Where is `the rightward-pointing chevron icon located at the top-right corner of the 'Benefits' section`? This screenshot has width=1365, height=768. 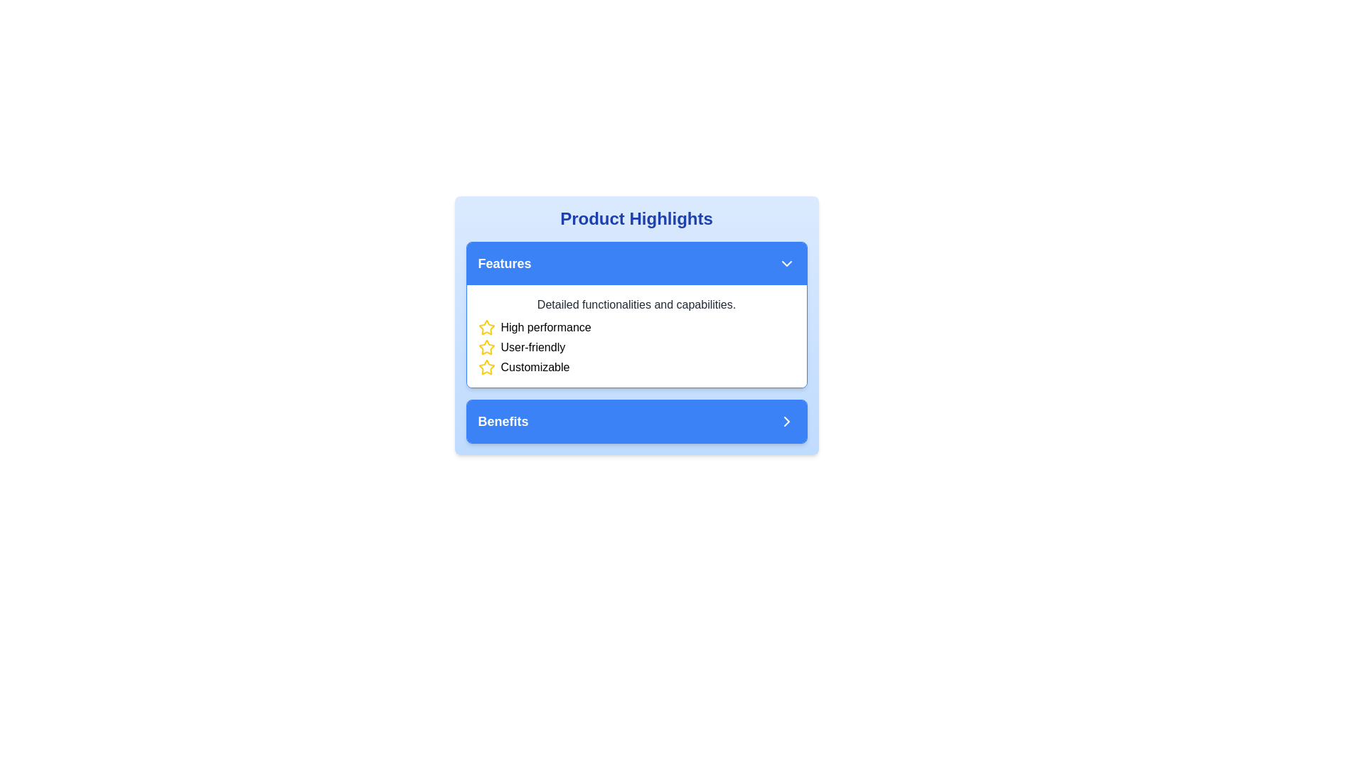
the rightward-pointing chevron icon located at the top-right corner of the 'Benefits' section is located at coordinates (786, 421).